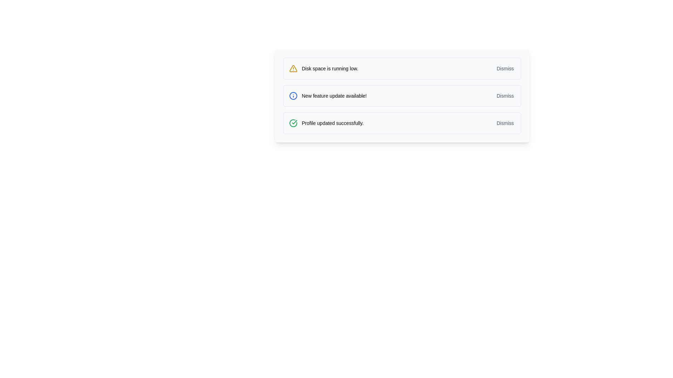 The width and height of the screenshot is (673, 378). What do you see at coordinates (293, 122) in the screenshot?
I see `the circular checkmark icon with a green stroke located to the left of the 'Profile updated successfully.' message and adjacent to the 'Dismiss' button` at bounding box center [293, 122].